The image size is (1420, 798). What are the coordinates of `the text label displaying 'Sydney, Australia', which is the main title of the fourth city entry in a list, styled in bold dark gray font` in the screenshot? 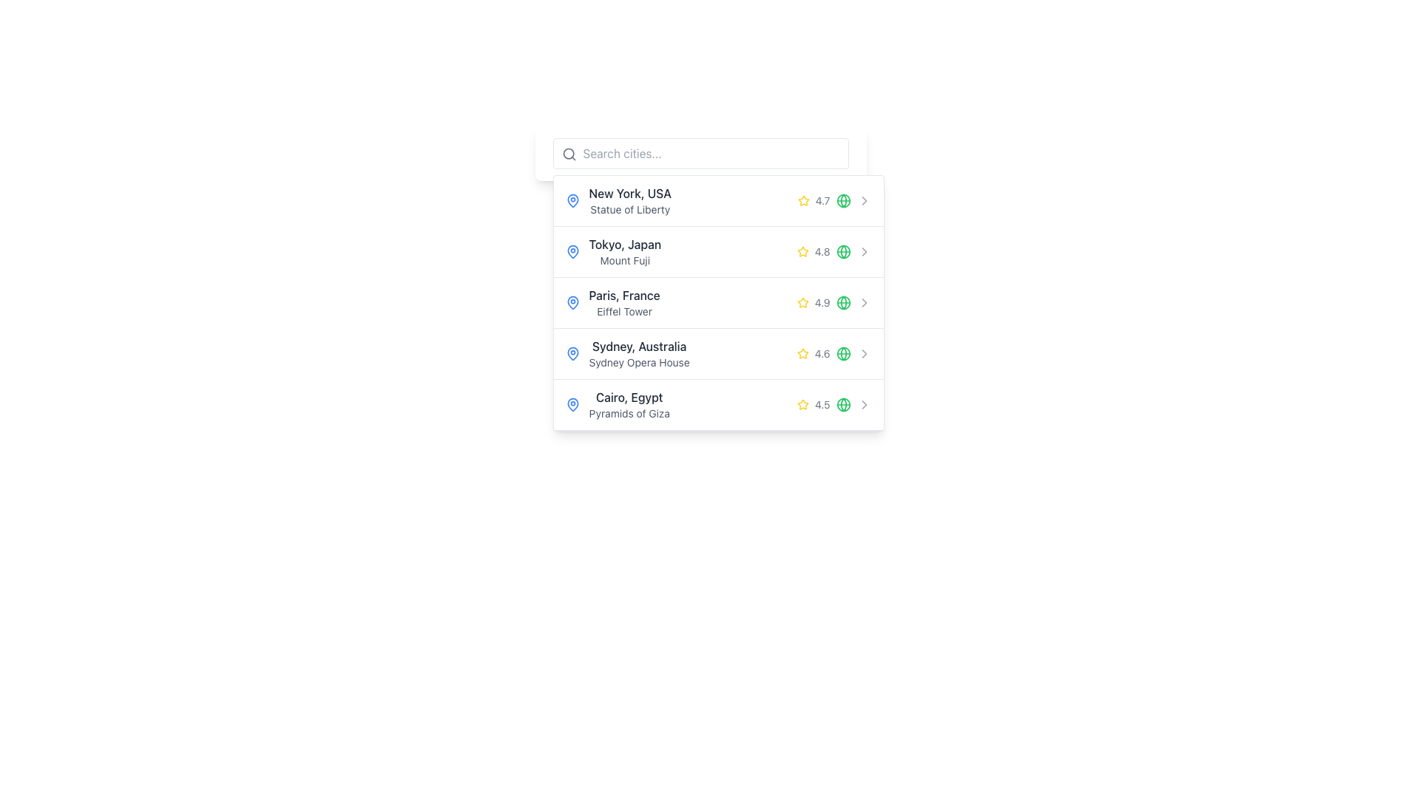 It's located at (639, 347).